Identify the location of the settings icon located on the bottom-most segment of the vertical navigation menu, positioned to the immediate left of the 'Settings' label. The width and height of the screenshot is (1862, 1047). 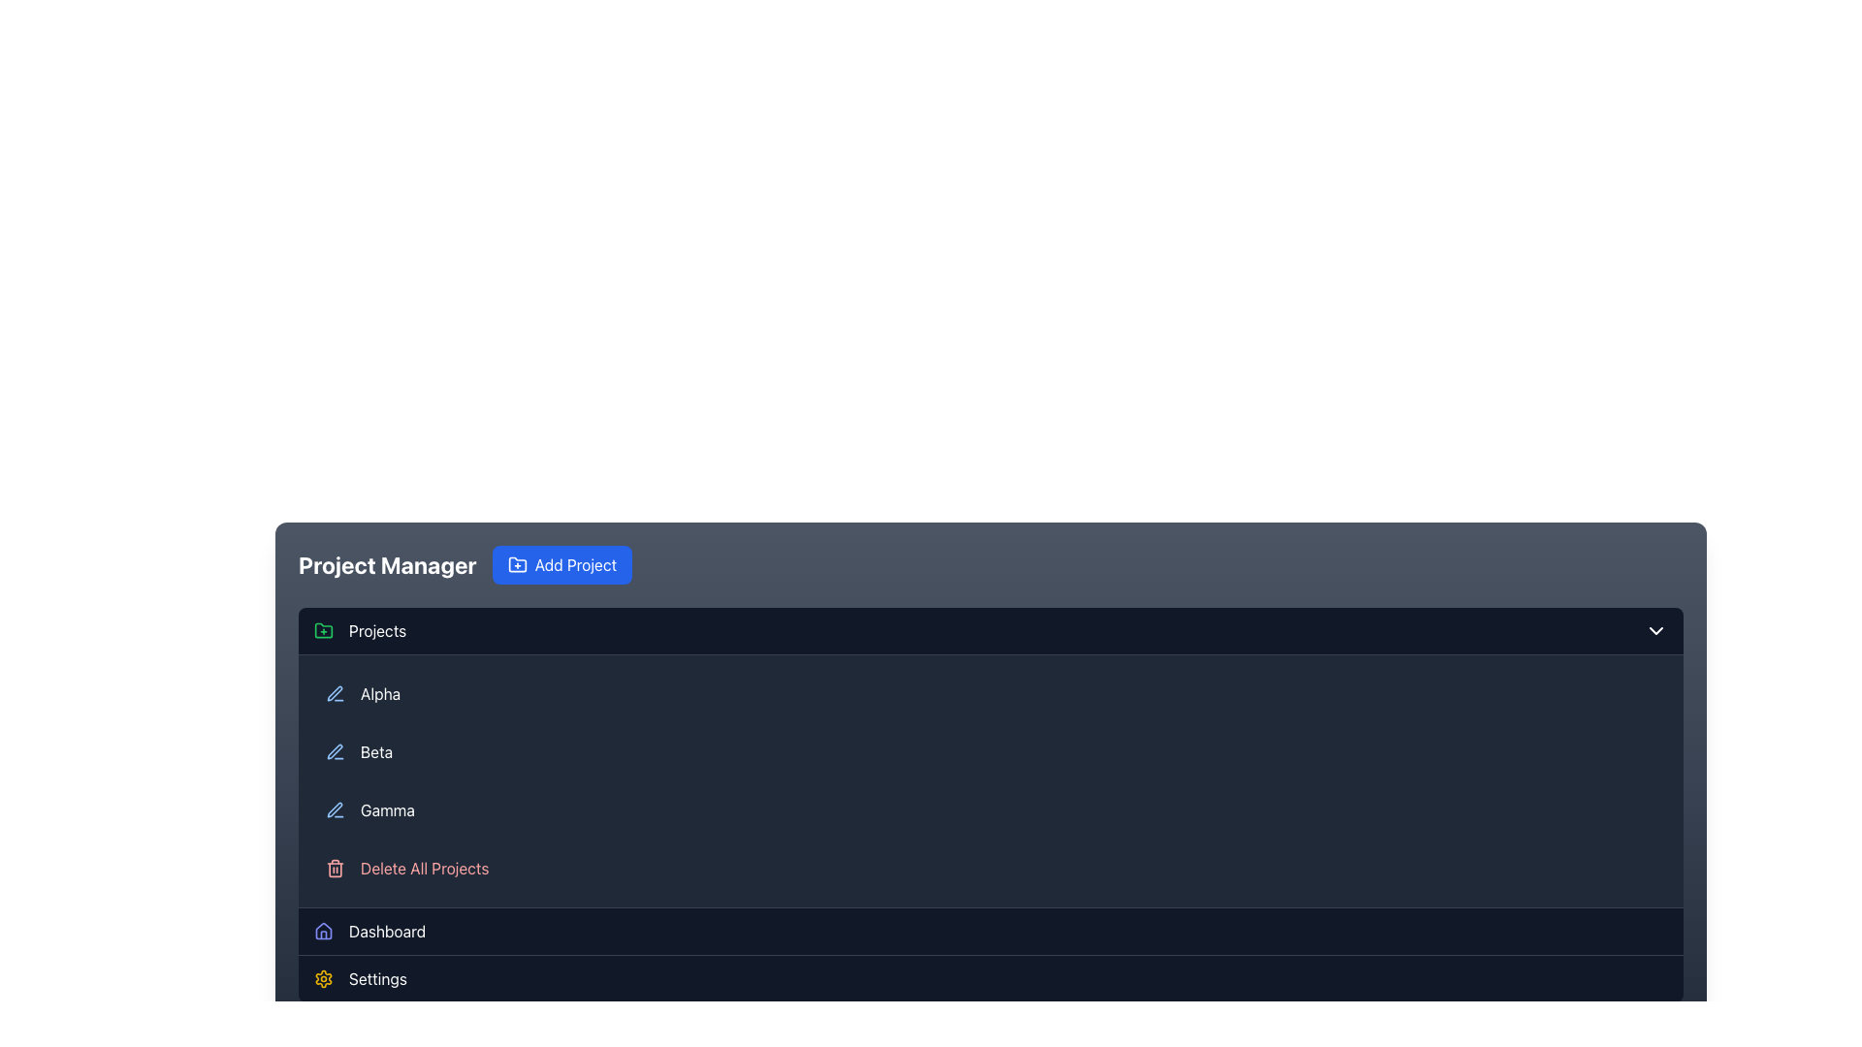
(324, 979).